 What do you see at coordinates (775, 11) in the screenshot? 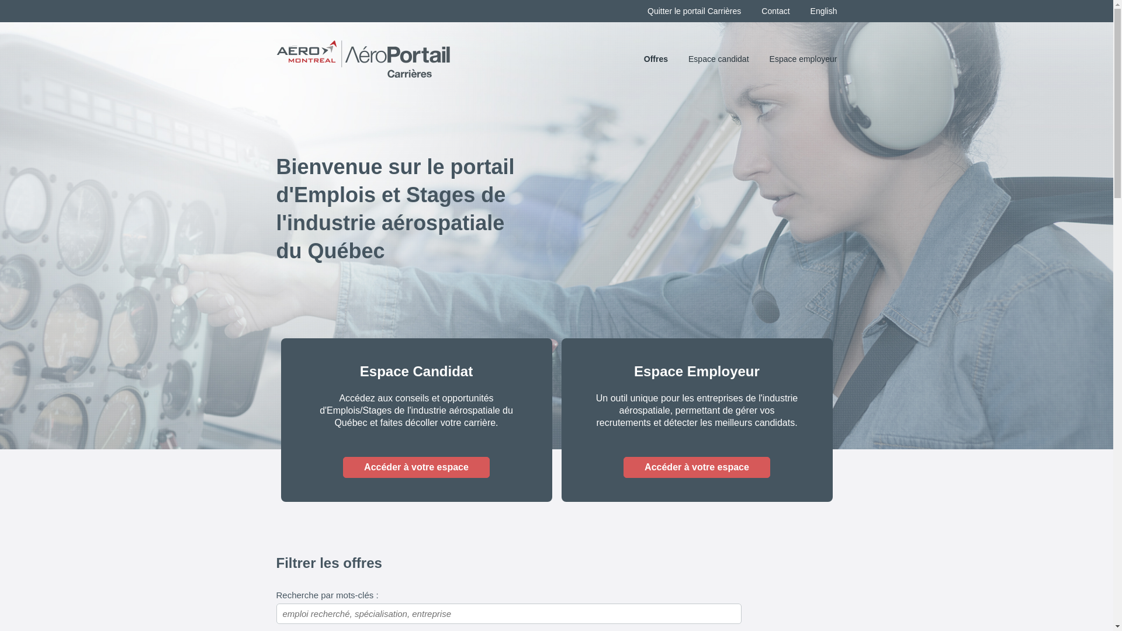
I see `'Contact'` at bounding box center [775, 11].